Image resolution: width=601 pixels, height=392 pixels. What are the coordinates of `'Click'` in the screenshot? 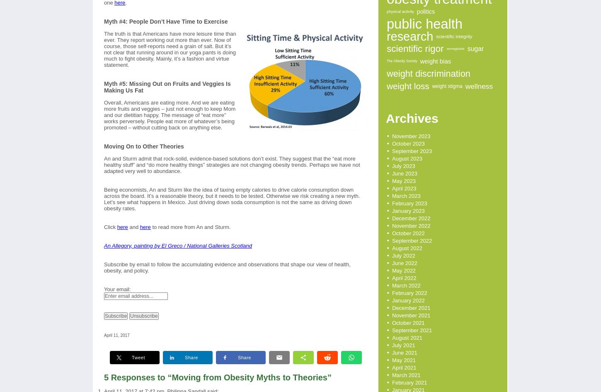 It's located at (110, 227).